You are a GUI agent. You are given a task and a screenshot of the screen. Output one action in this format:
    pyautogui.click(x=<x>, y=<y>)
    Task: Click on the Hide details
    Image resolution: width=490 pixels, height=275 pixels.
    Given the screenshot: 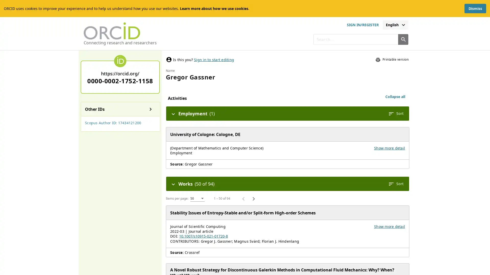 What is the action you would take?
    pyautogui.click(x=173, y=113)
    